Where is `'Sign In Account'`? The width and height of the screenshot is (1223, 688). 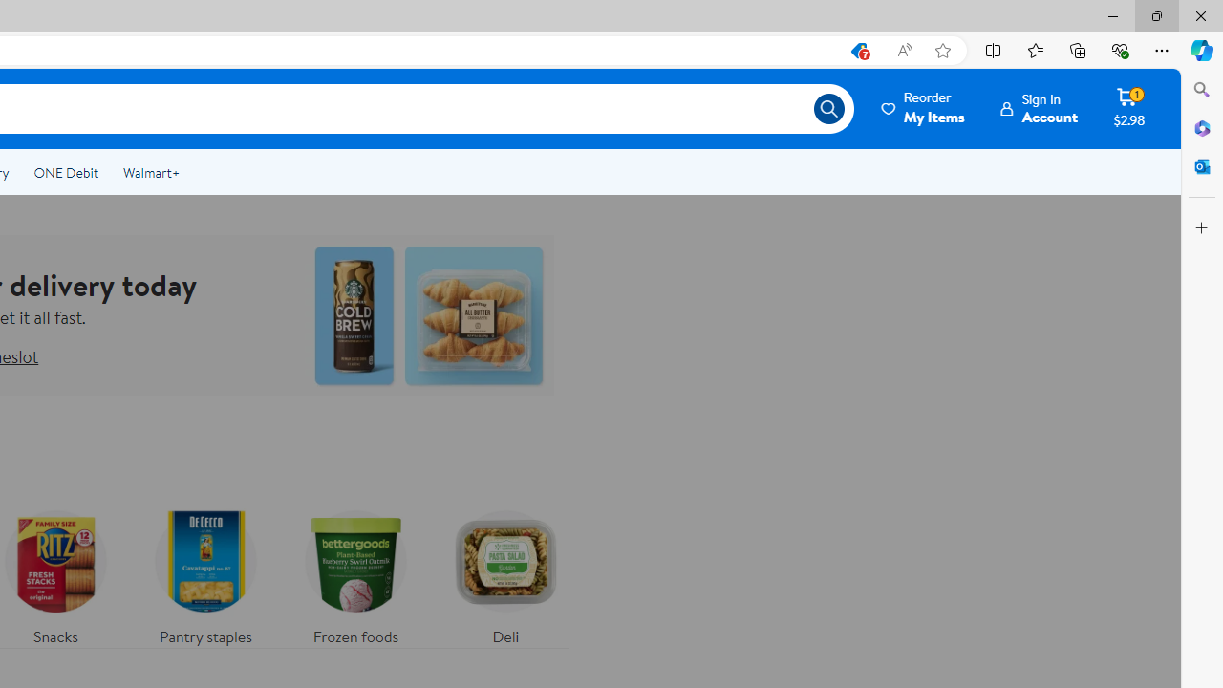
'Sign In Account' is located at coordinates (1039, 108).